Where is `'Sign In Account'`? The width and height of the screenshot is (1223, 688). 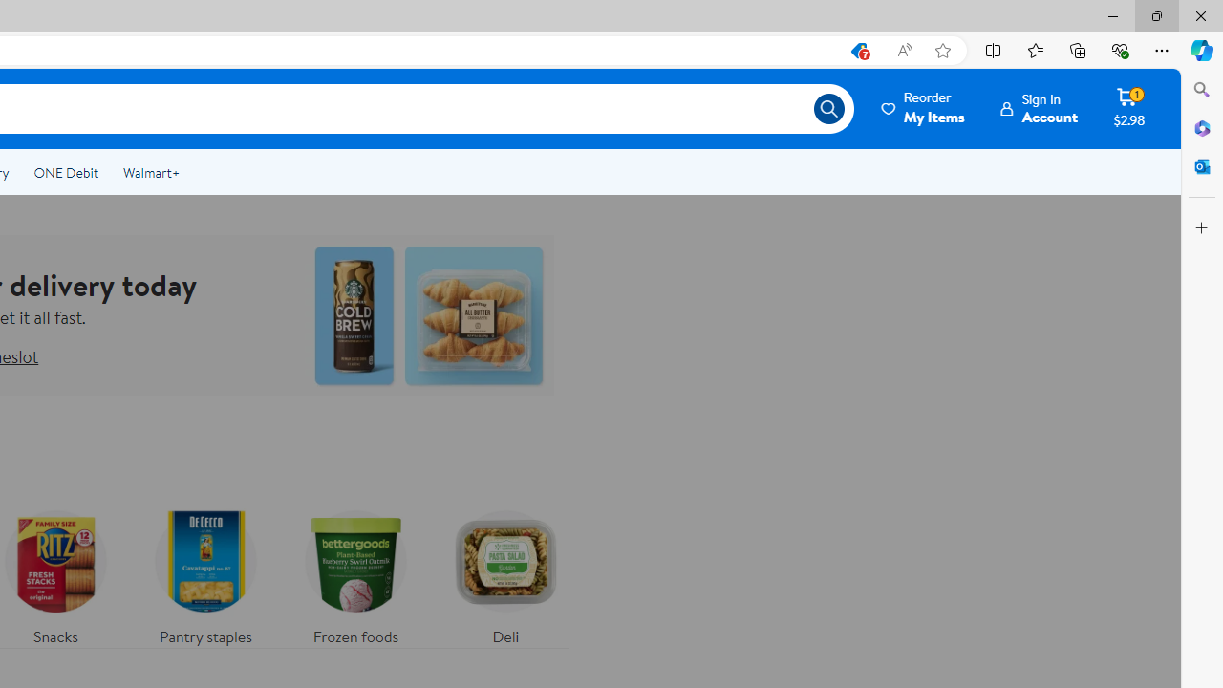
'Sign In Account' is located at coordinates (1039, 108).